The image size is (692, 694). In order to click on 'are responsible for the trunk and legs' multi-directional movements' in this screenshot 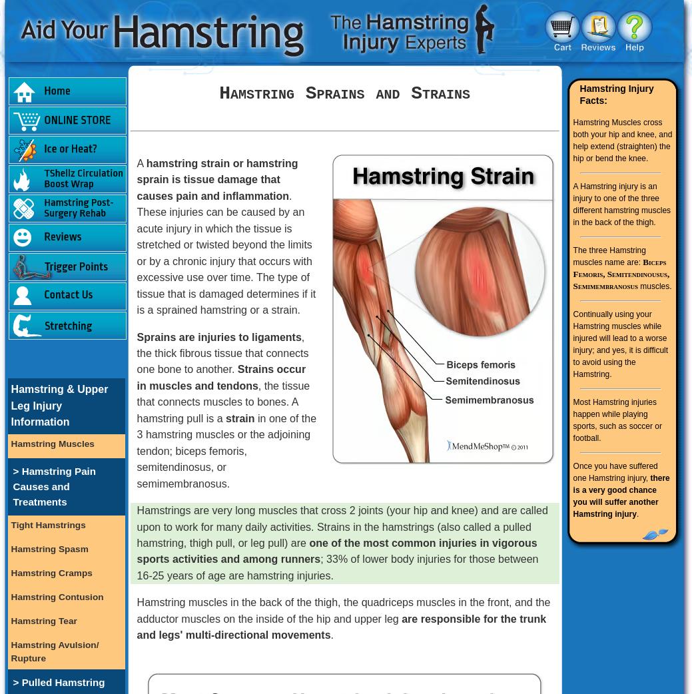, I will do `click(340, 626)`.